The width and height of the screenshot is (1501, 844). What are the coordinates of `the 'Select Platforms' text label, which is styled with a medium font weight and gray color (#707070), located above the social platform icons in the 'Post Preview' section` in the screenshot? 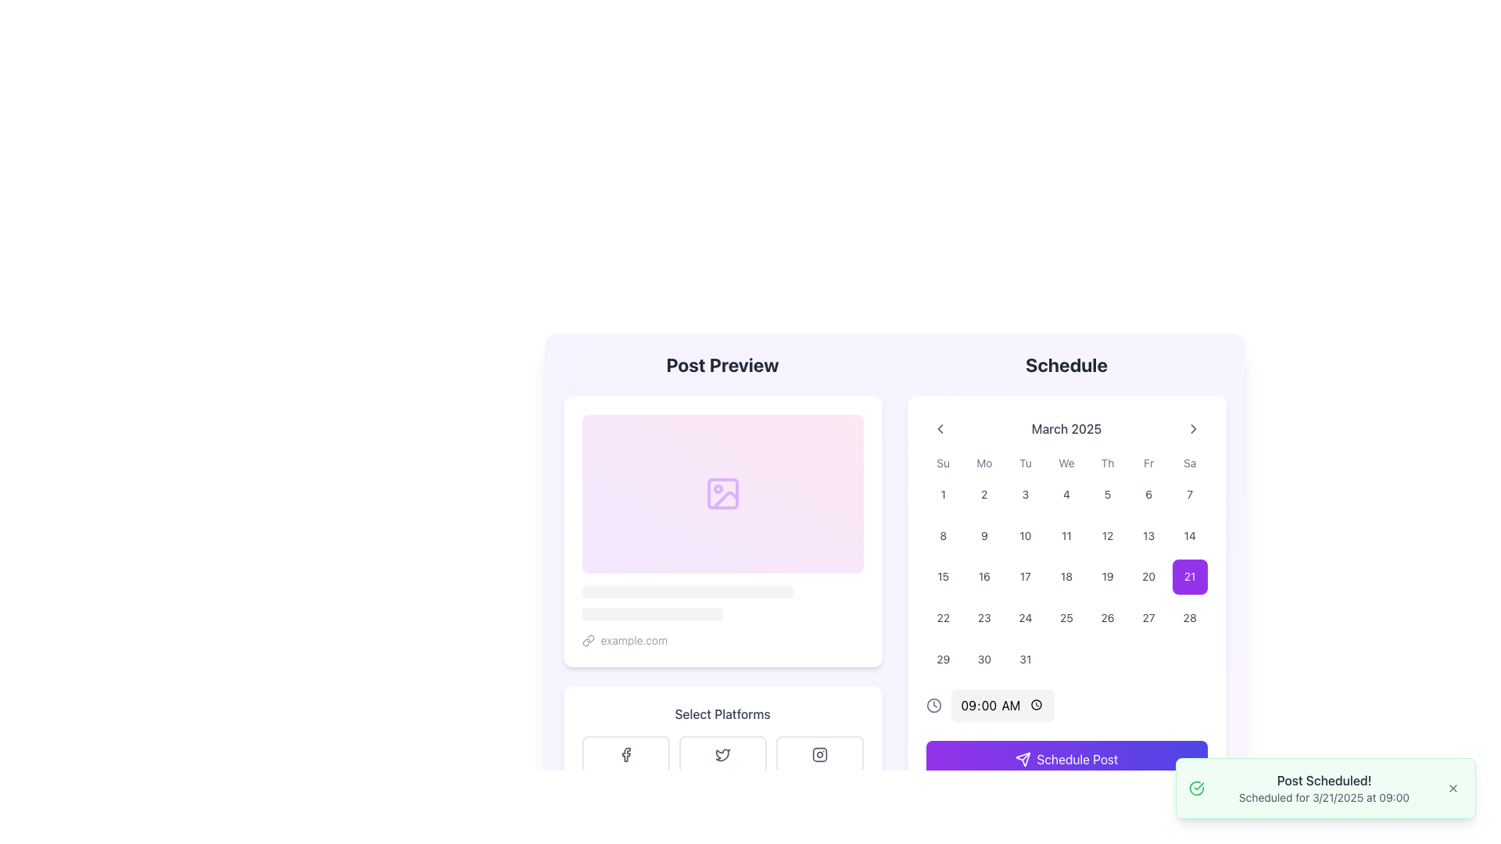 It's located at (722, 713).